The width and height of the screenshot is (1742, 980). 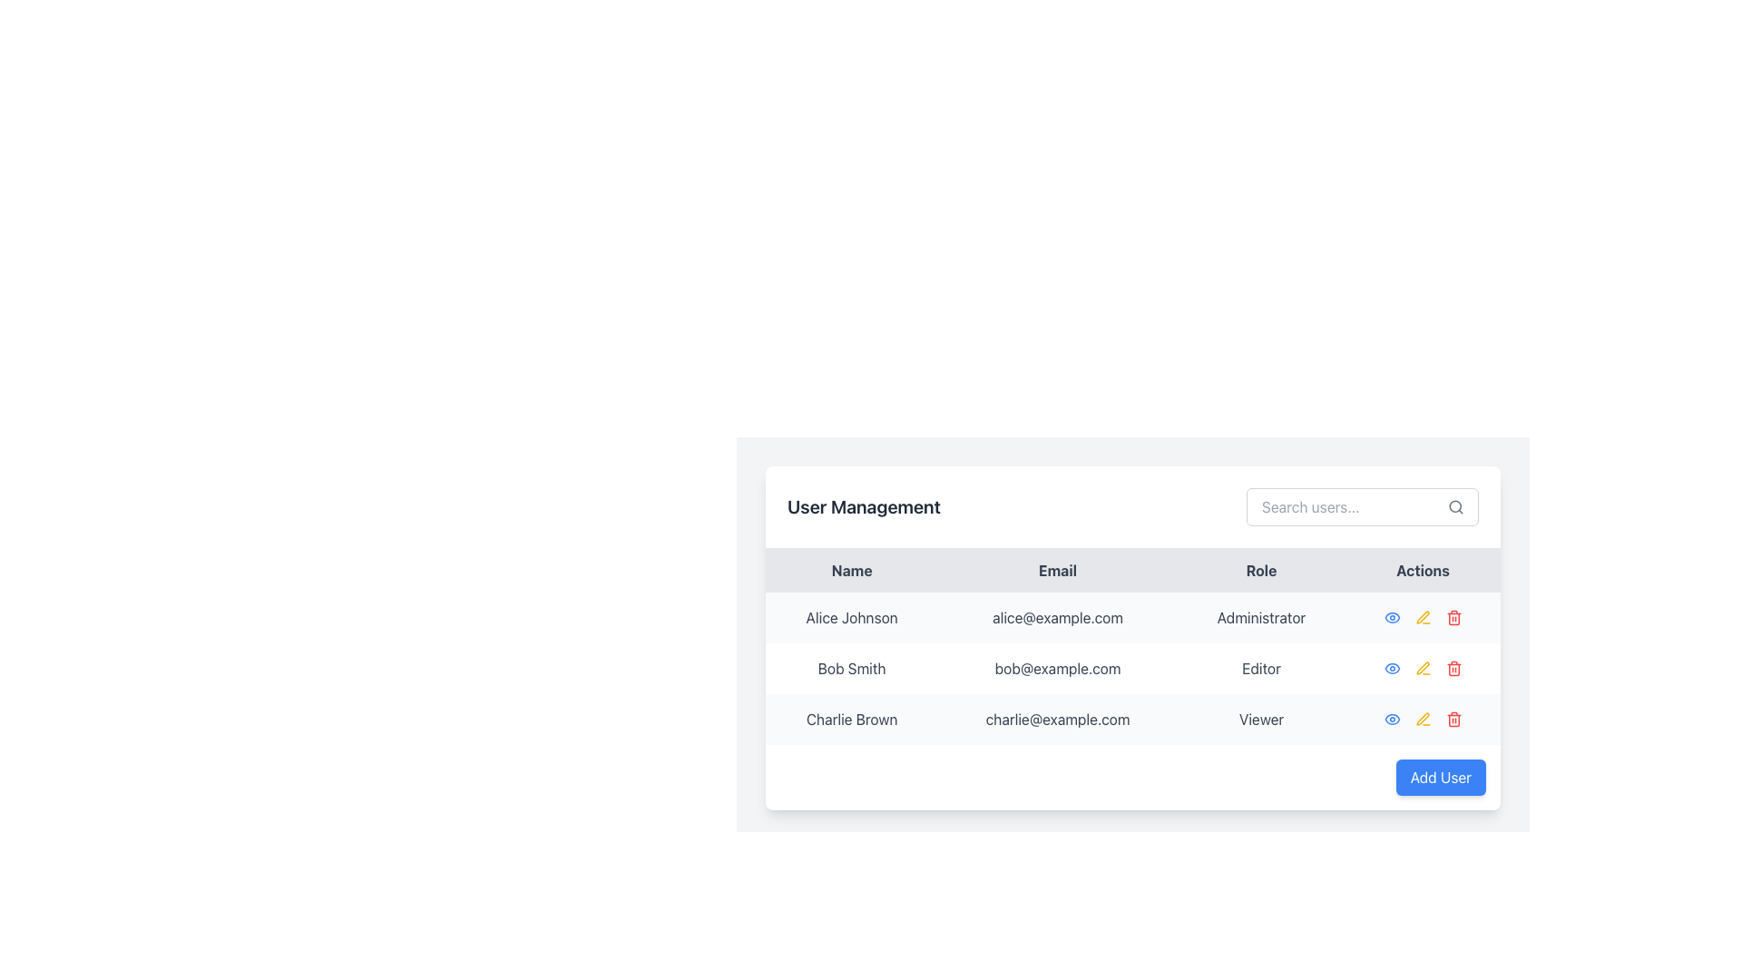 What do you see at coordinates (1422, 668) in the screenshot?
I see `the 'Edit' icon button located in the 'Actions' column for the user 'Bob Smith'` at bounding box center [1422, 668].